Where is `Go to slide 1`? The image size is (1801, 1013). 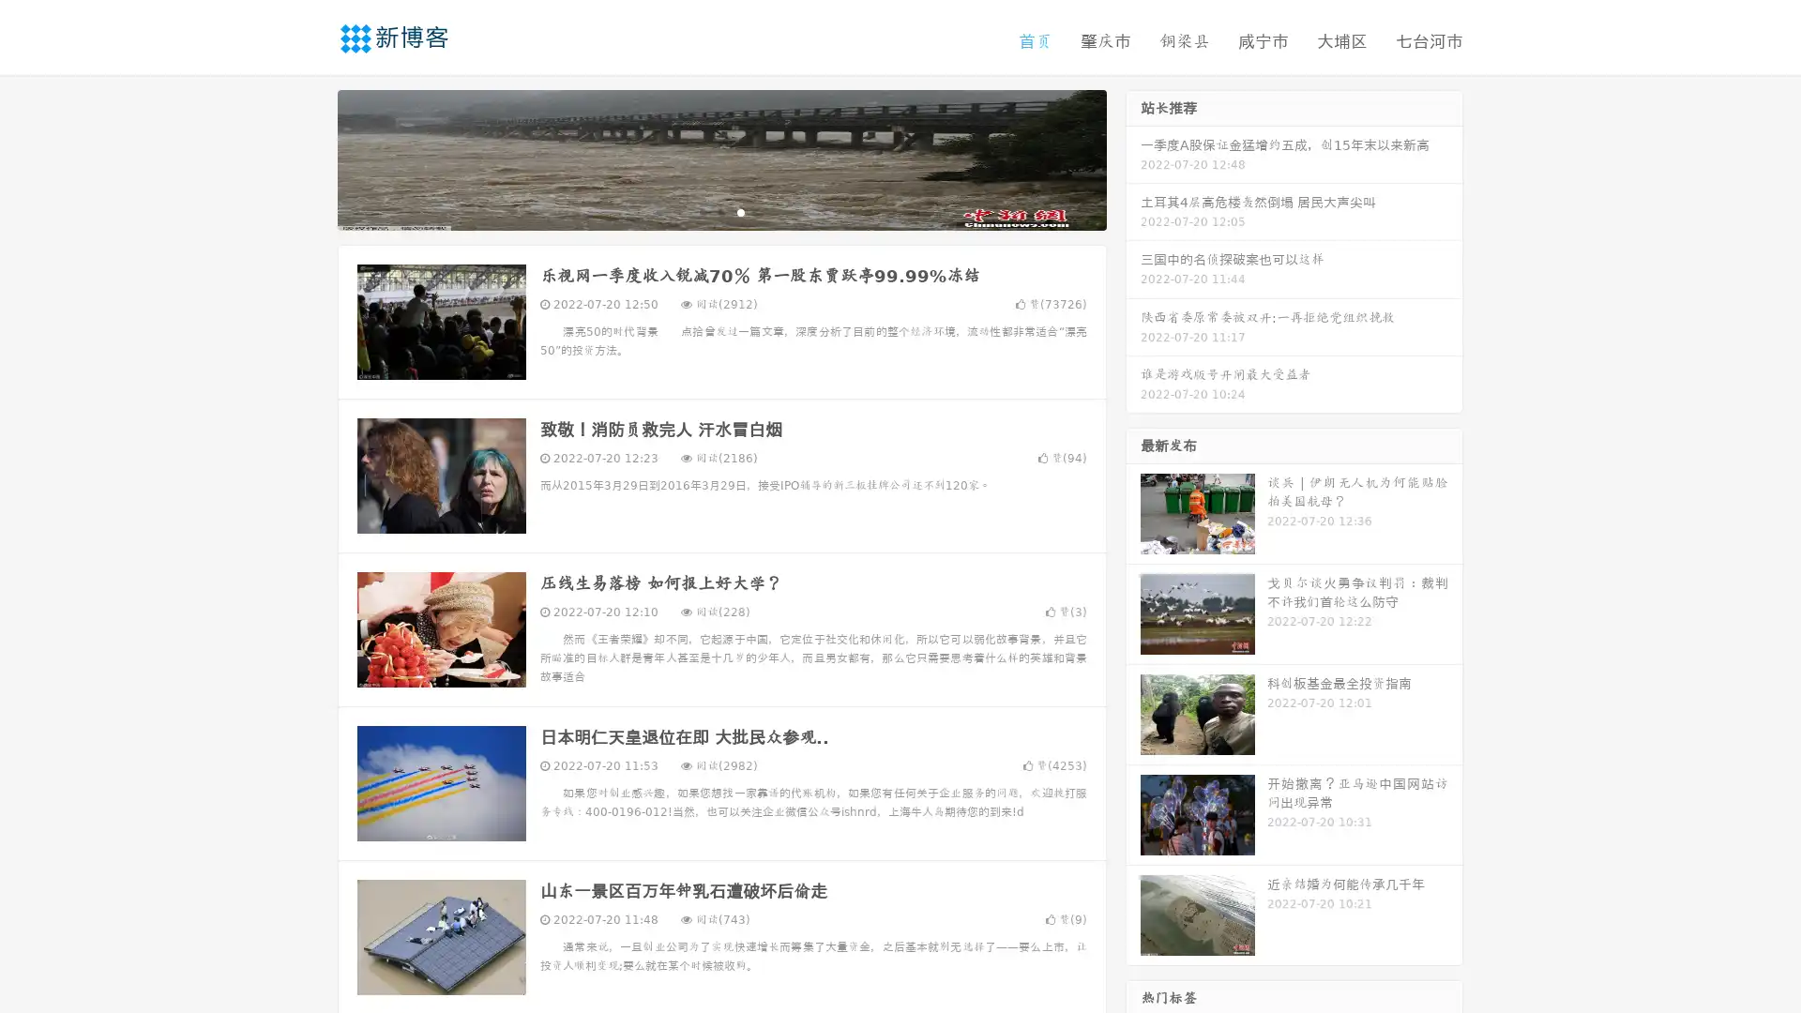
Go to slide 1 is located at coordinates (702, 211).